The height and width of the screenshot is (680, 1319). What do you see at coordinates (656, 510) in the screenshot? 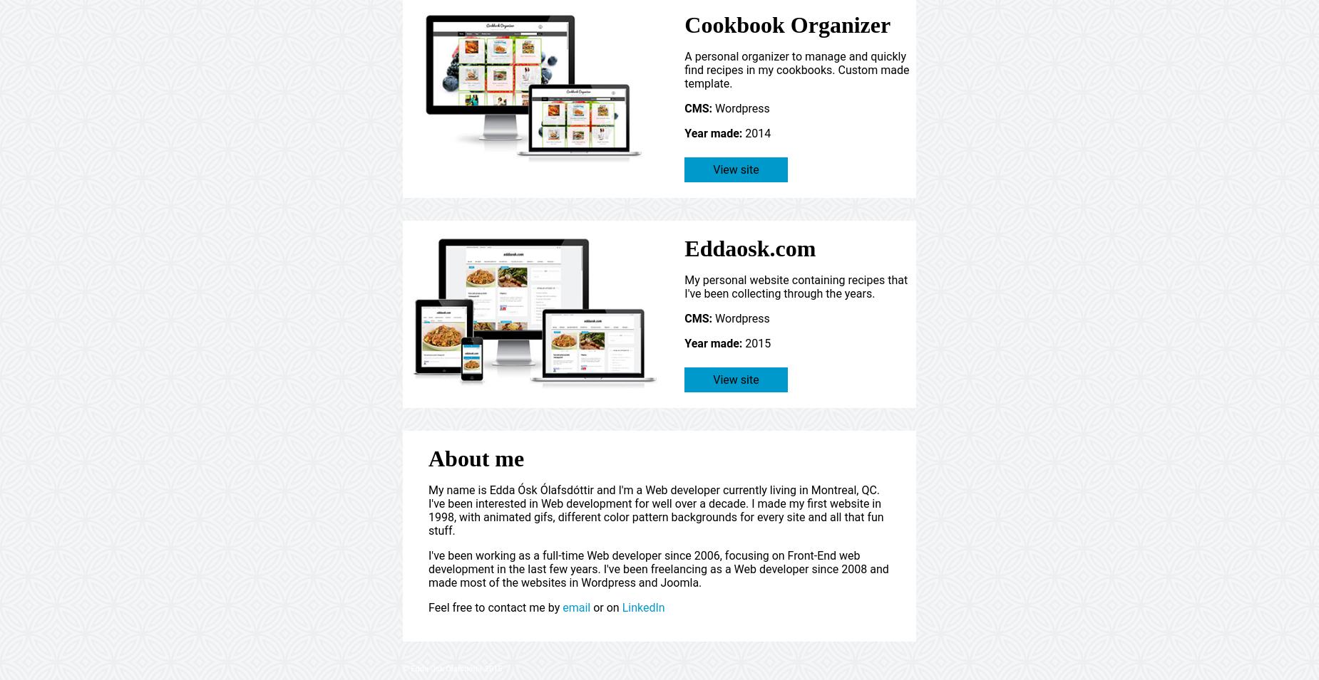
I see `'My name is Edda Ósk Ólafsdóttir and I'm a Web developer currently living in Montreal, QC. I've been interested in Web development for well over a decade.
                I made my first website in 1998, with animated gifs, different color pattern backgrounds for every site and all that fun stuff.'` at bounding box center [656, 510].